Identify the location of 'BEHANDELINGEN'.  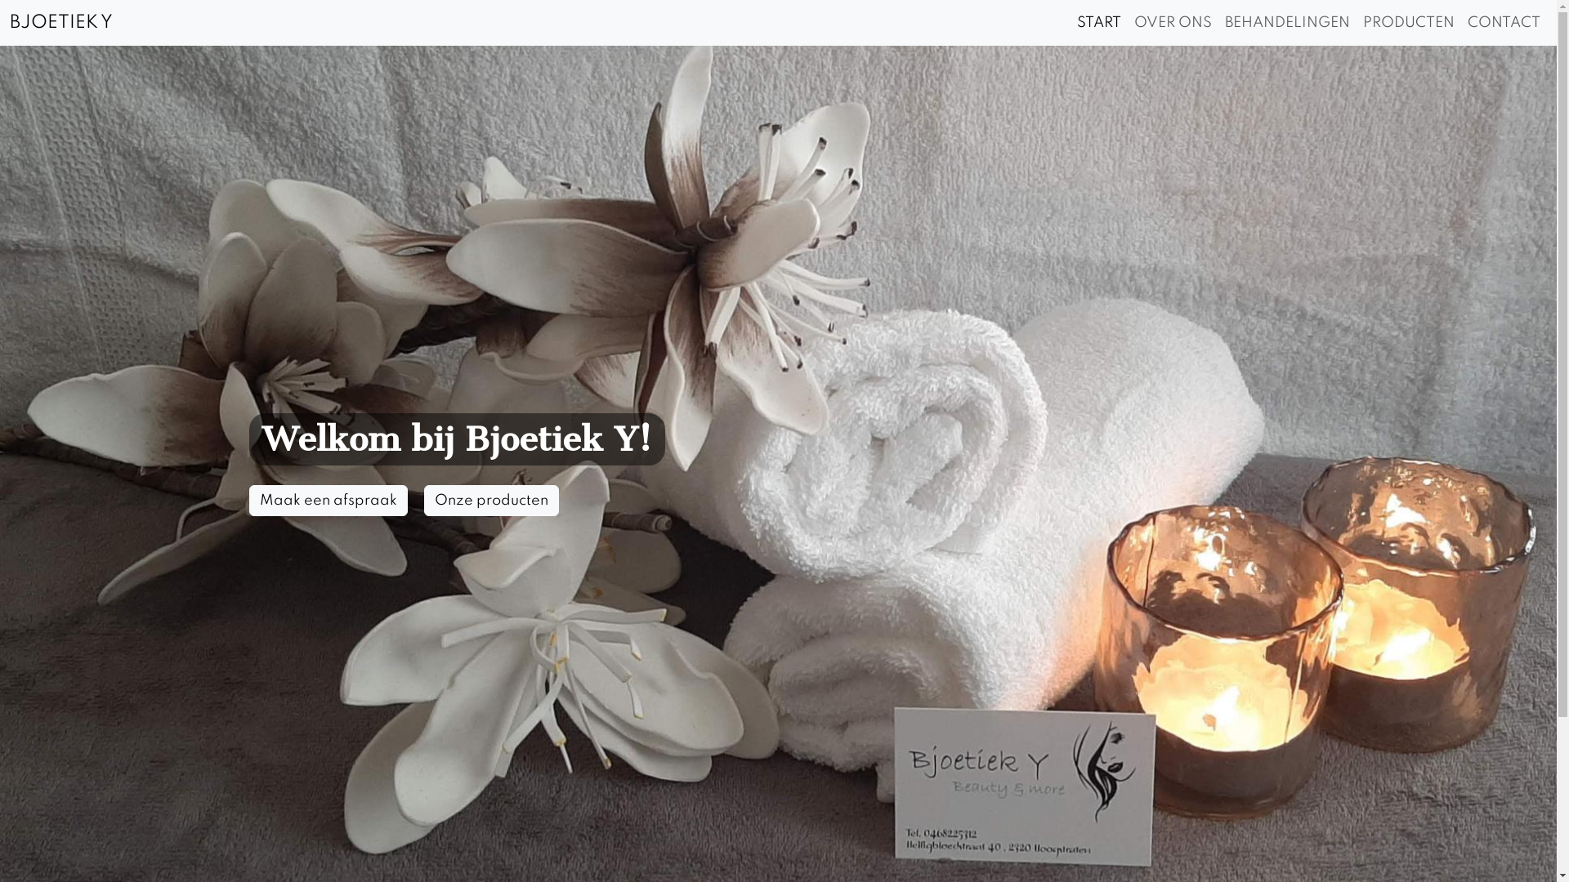
(1218, 22).